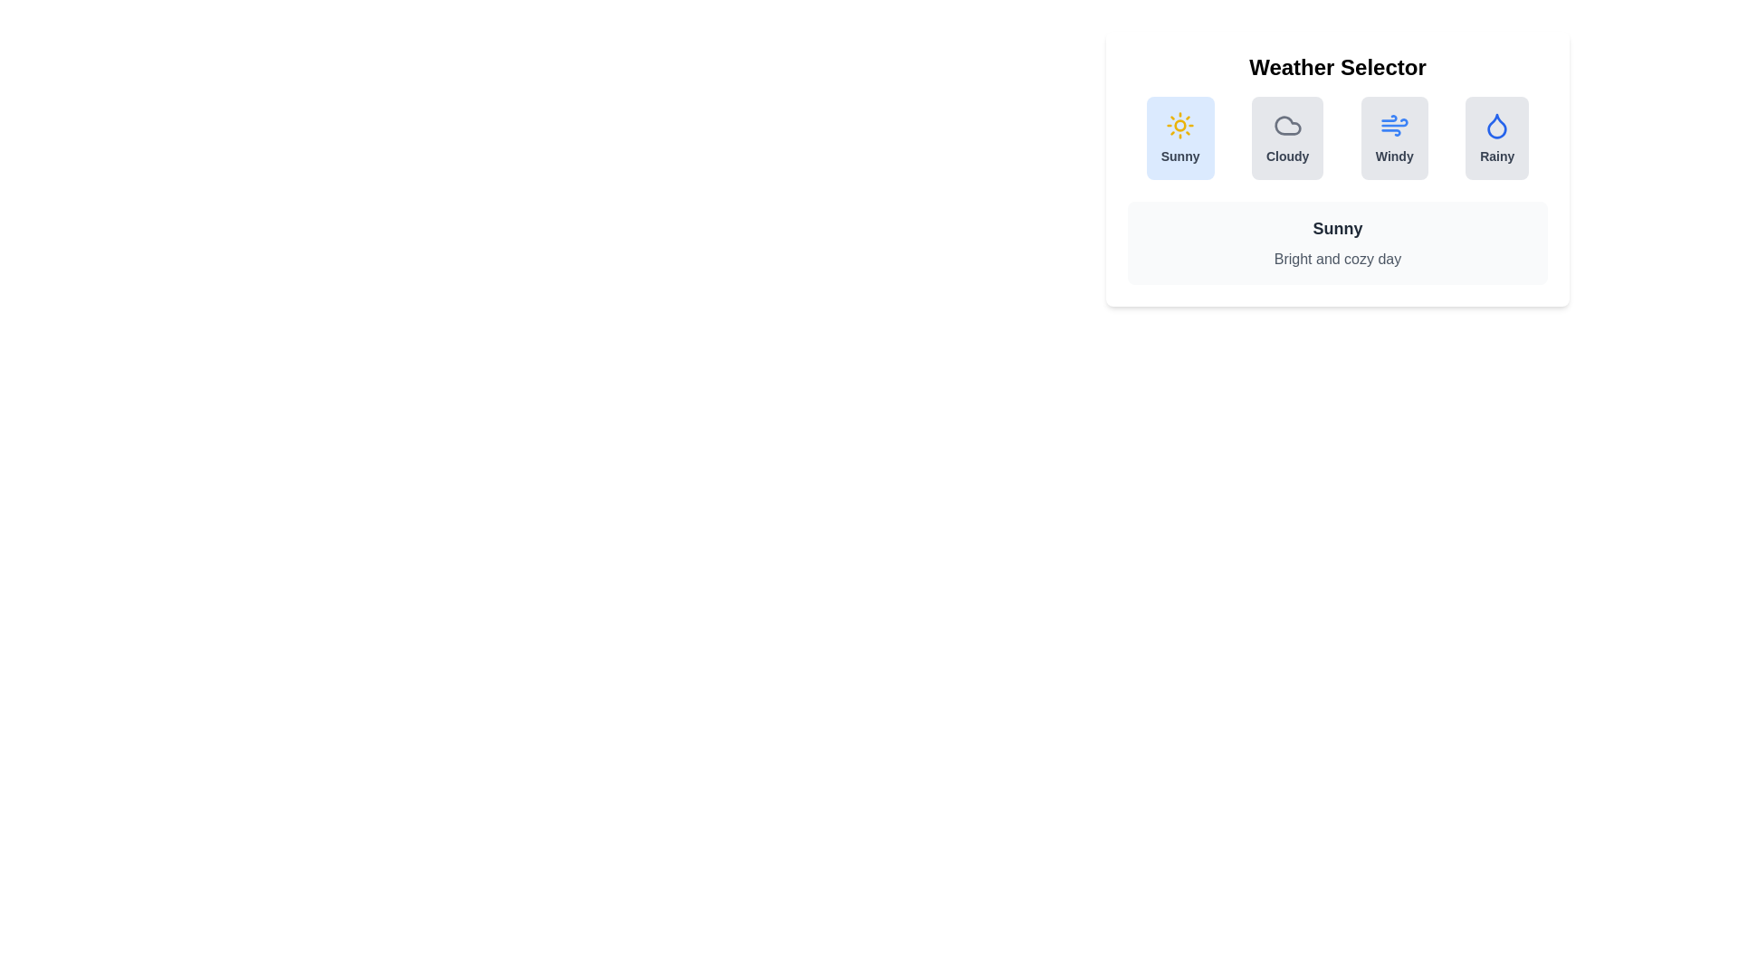 The width and height of the screenshot is (1738, 977). I want to click on the group of selectable buttons in the 'Weather Selector', so click(1338, 138).